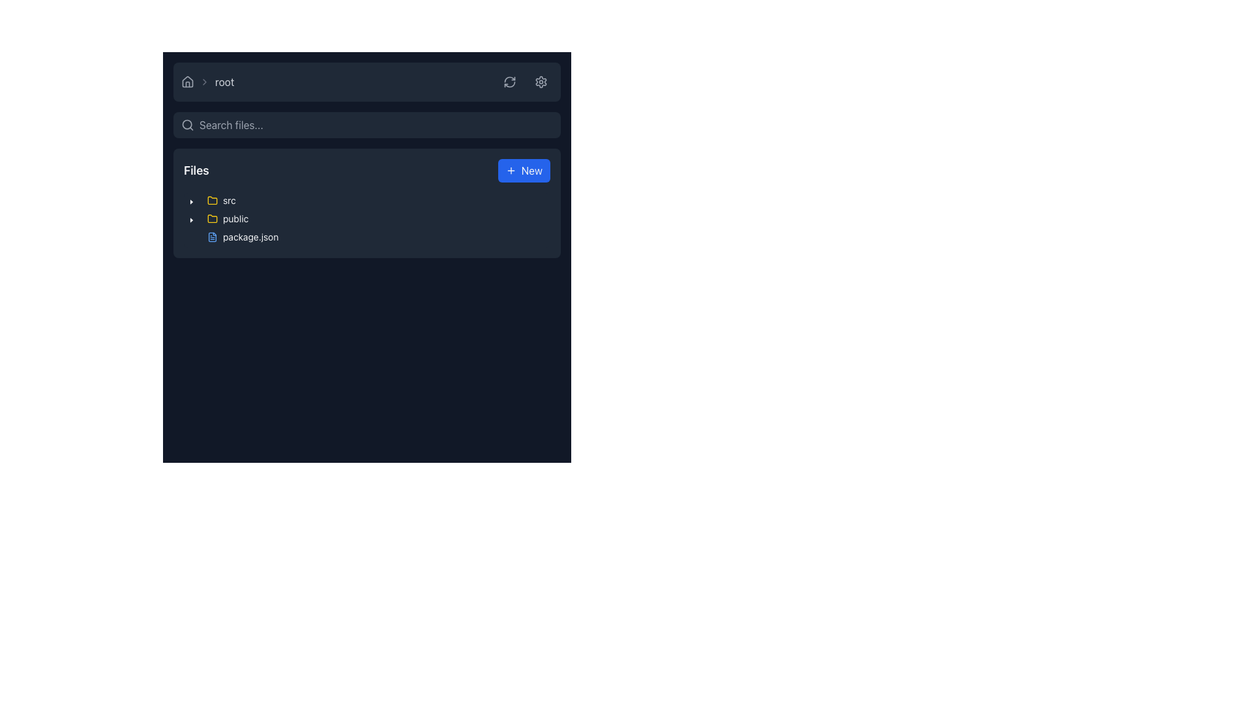 The height and width of the screenshot is (704, 1252). I want to click on the document icon with a blue outline located to the left of the 'package.json' text label in the 'Files' section, so click(213, 237).